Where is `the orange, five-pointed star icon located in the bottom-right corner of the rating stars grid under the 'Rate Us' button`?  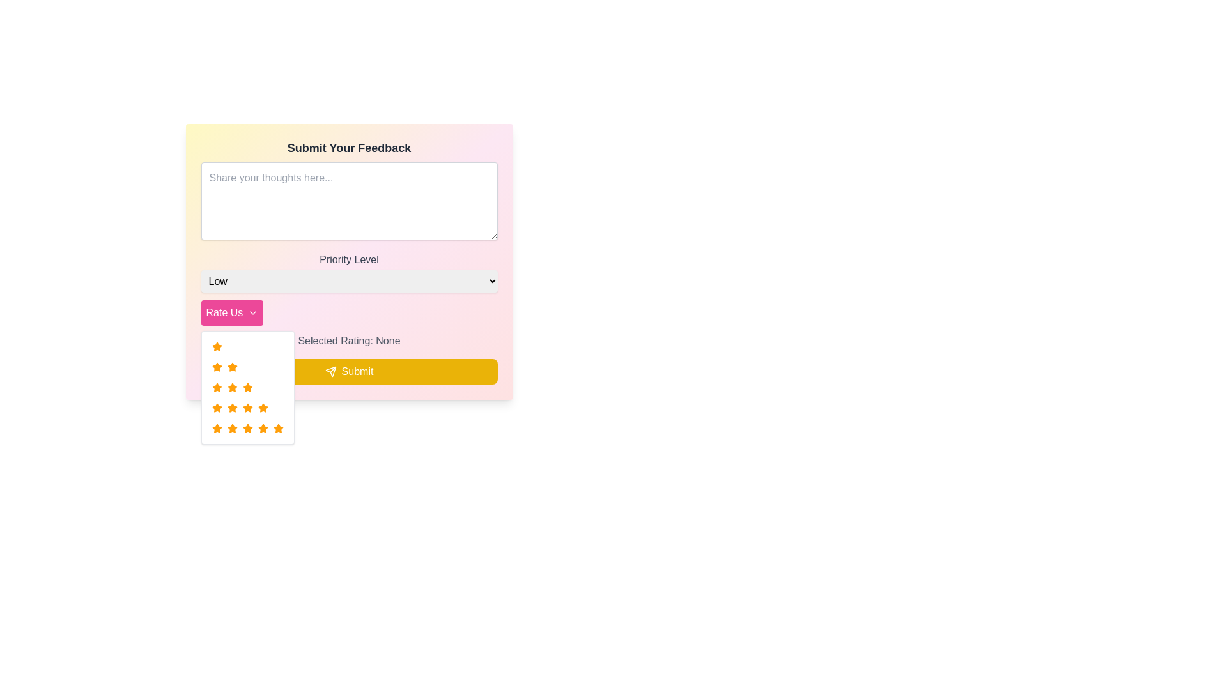
the orange, five-pointed star icon located in the bottom-right corner of the rating stars grid under the 'Rate Us' button is located at coordinates (277, 429).